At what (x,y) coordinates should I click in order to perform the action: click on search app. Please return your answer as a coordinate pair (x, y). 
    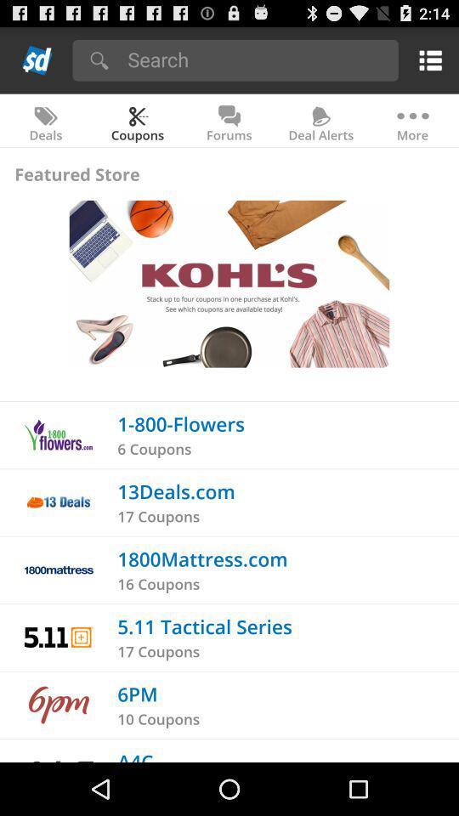
    Looking at the image, I should click on (257, 59).